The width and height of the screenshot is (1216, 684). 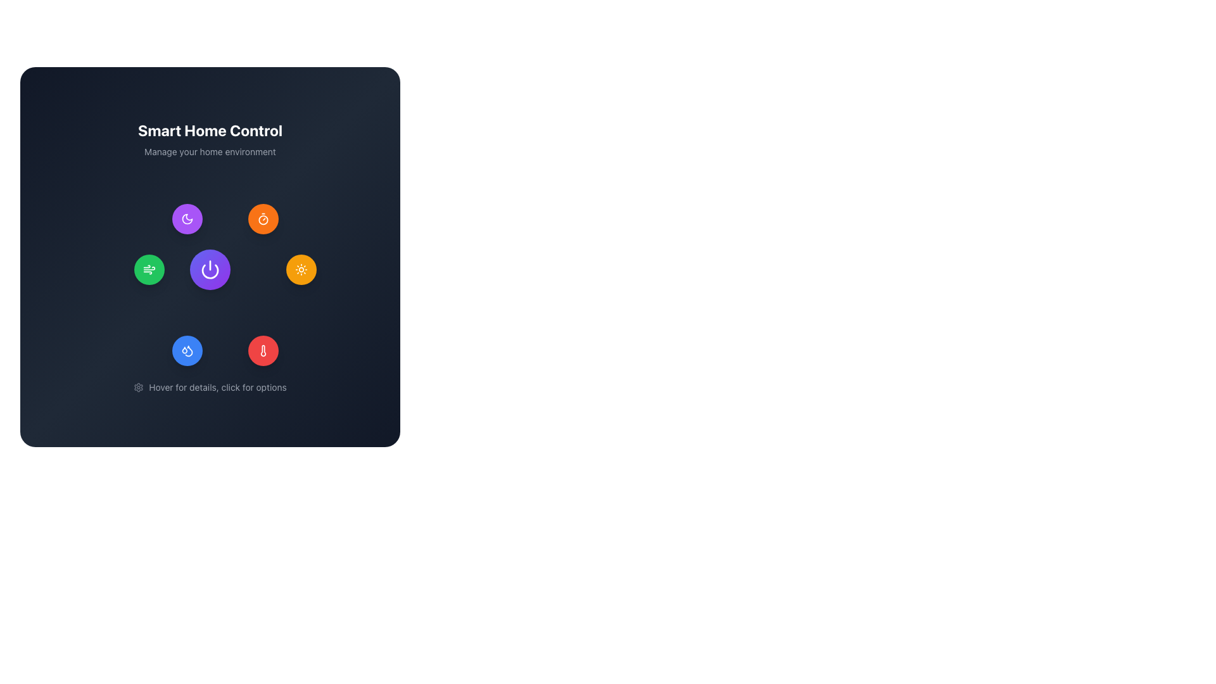 What do you see at coordinates (210, 256) in the screenshot?
I see `the circular button with a gradient color scheme transitioning from indigo to purple, featuring a white power icon` at bounding box center [210, 256].